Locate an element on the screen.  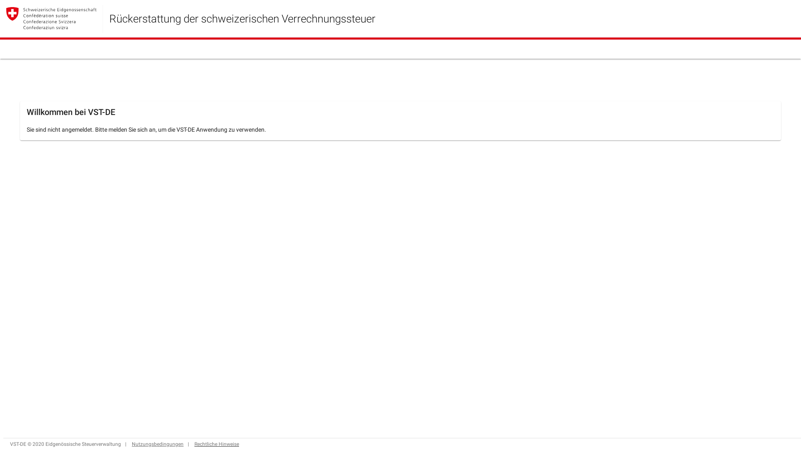
'Rechtliche Hinweise' is located at coordinates (217, 443).